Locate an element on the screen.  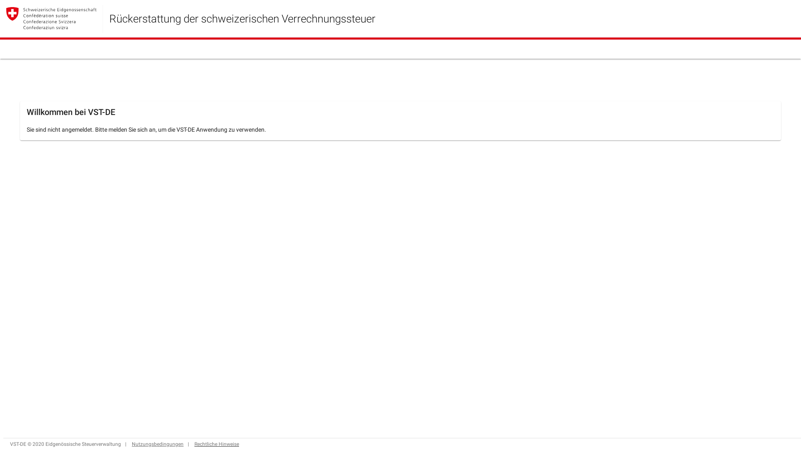
'Rechtliche Hinweise' is located at coordinates (217, 443).